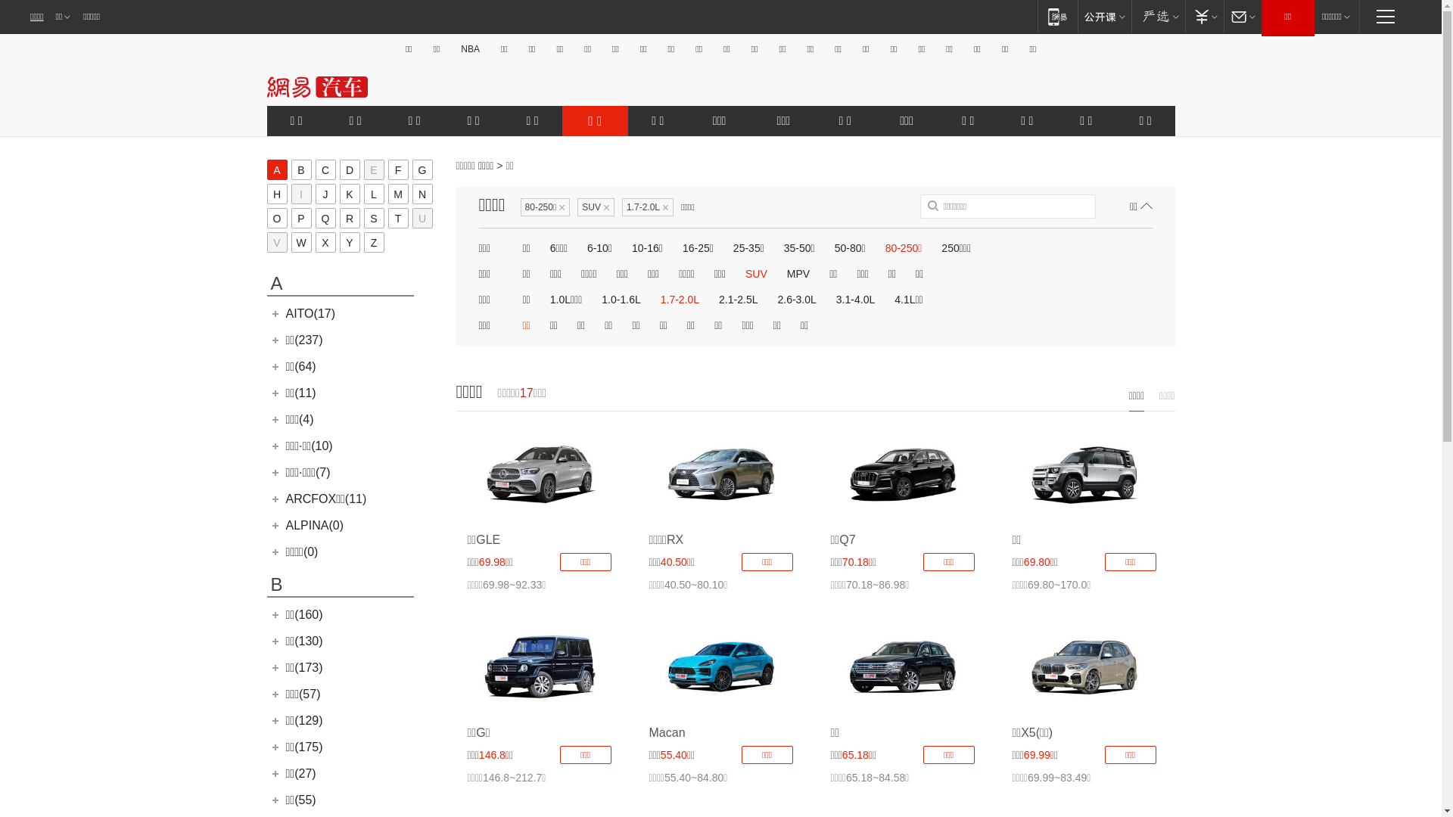 The image size is (1453, 817). What do you see at coordinates (373, 169) in the screenshot?
I see `'E'` at bounding box center [373, 169].